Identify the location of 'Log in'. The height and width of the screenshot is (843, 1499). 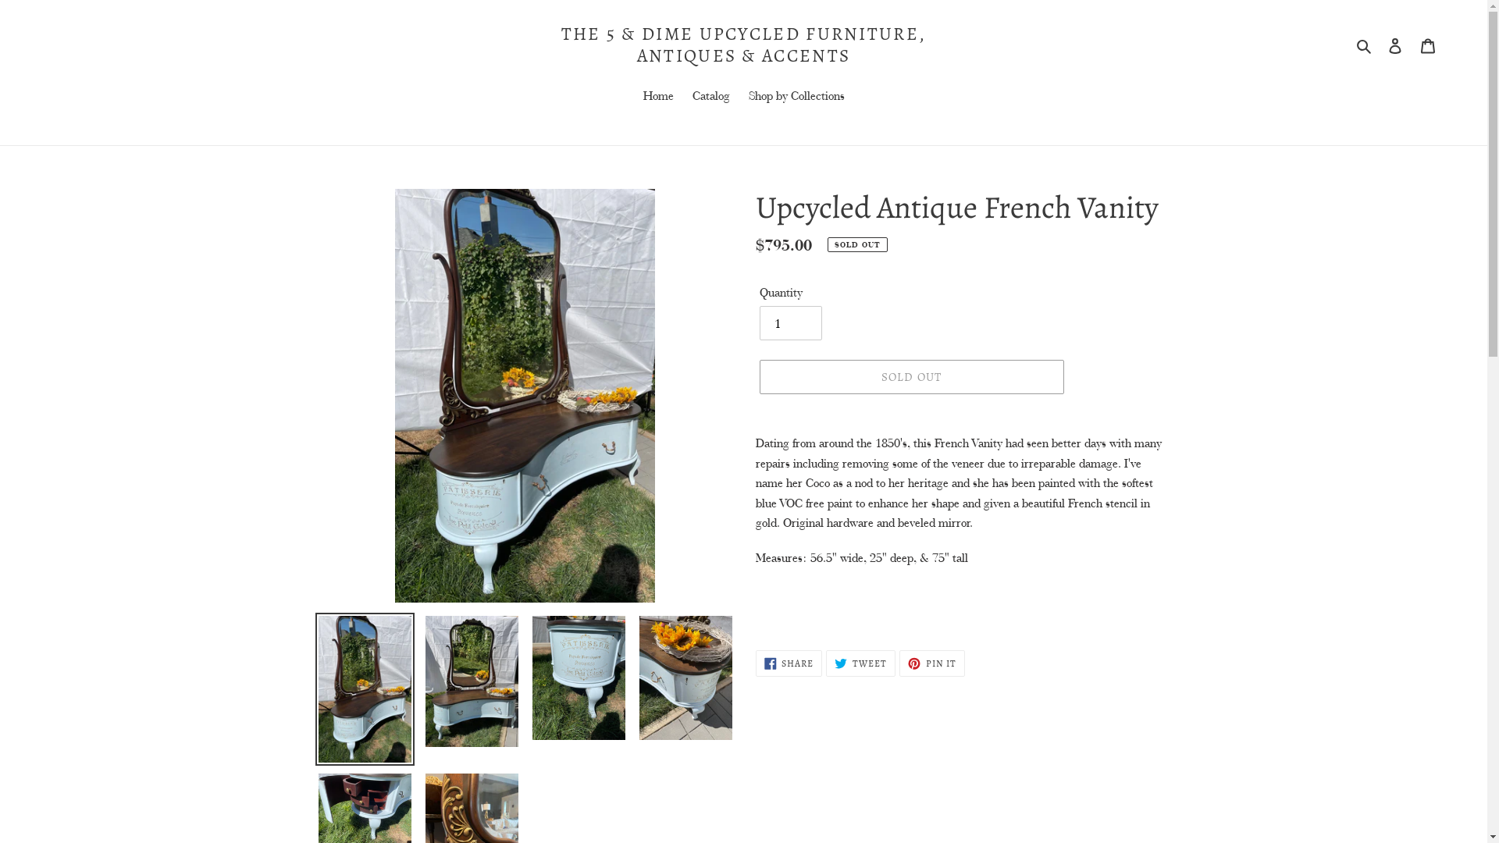
(1394, 44).